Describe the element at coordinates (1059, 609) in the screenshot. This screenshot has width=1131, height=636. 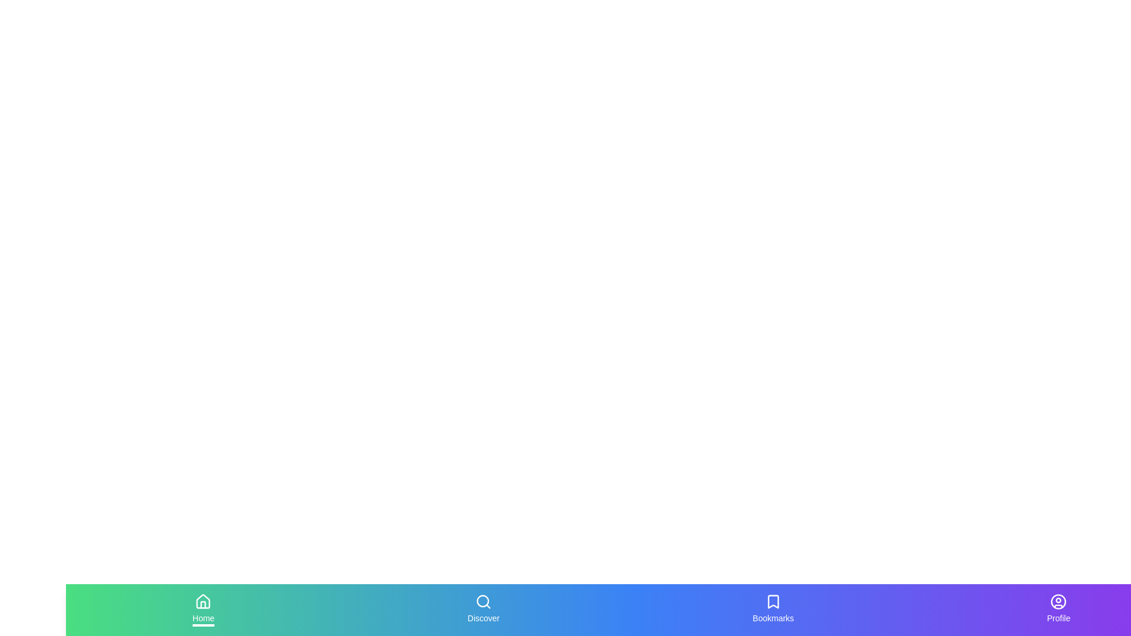
I see `the tab Profile in the bottom navigation bar` at that location.